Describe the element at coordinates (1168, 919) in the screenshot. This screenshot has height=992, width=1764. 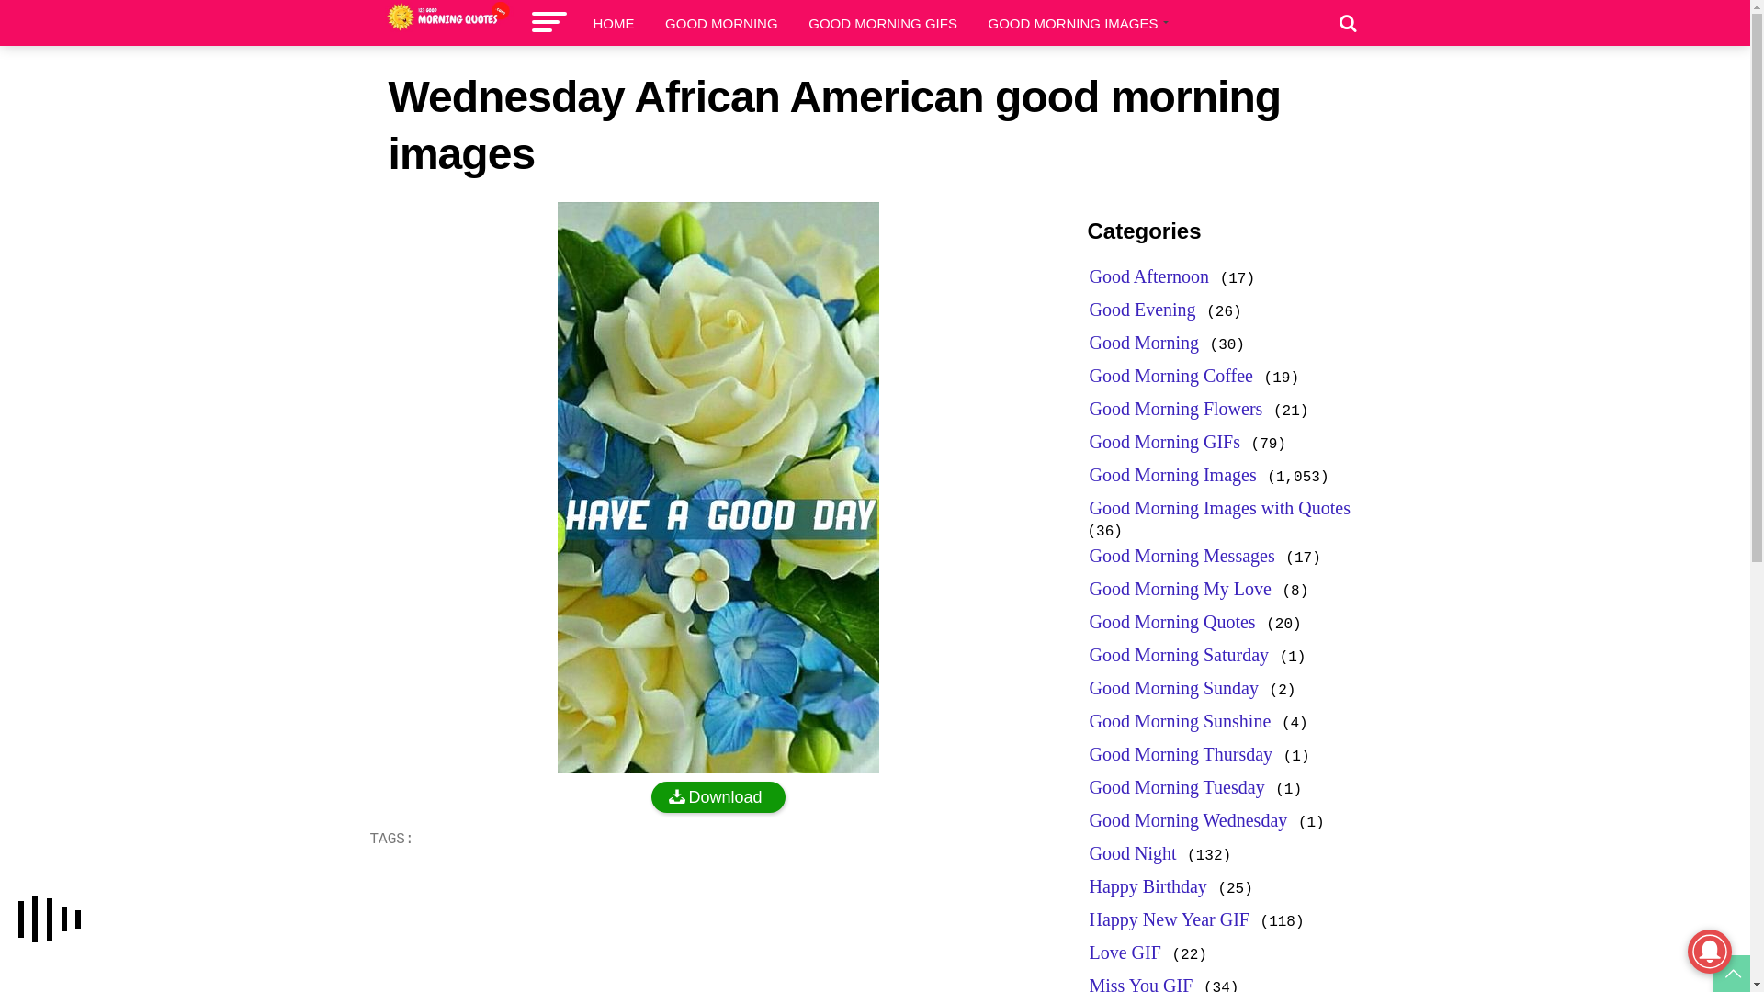
I see `'Happy New Year GIF'` at that location.